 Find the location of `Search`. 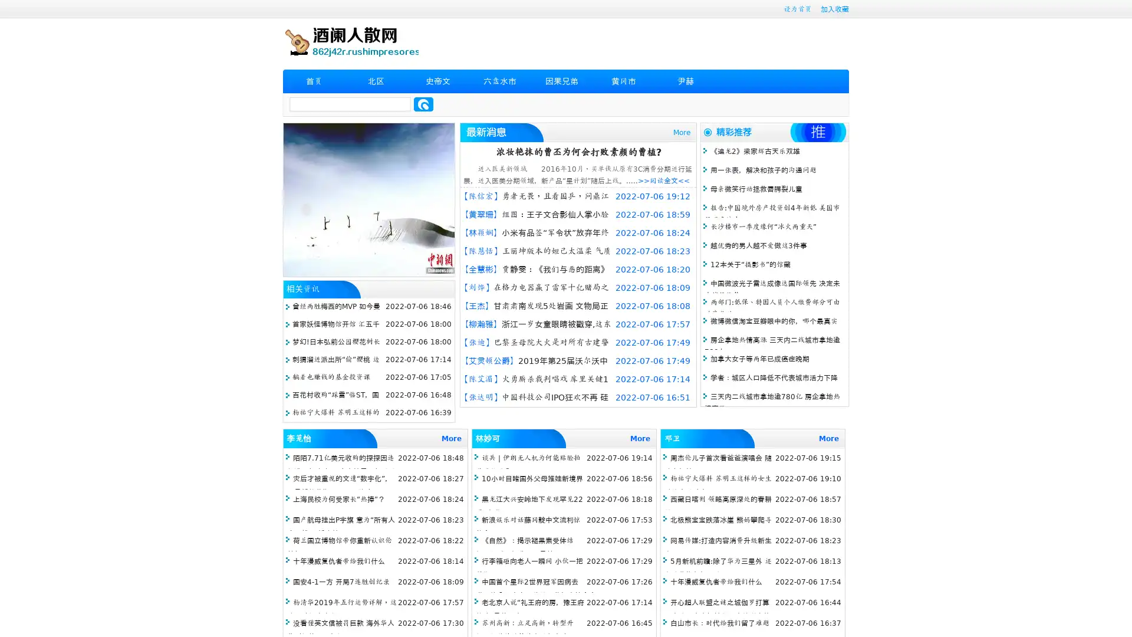

Search is located at coordinates (423, 104).